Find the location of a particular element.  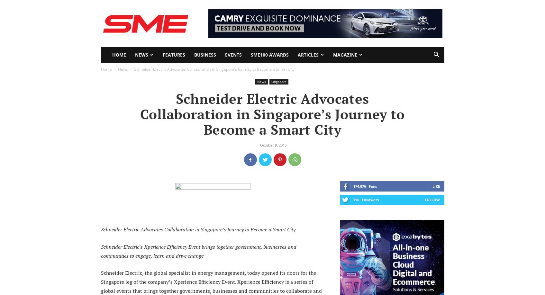

'Singapore' is located at coordinates (271, 81).